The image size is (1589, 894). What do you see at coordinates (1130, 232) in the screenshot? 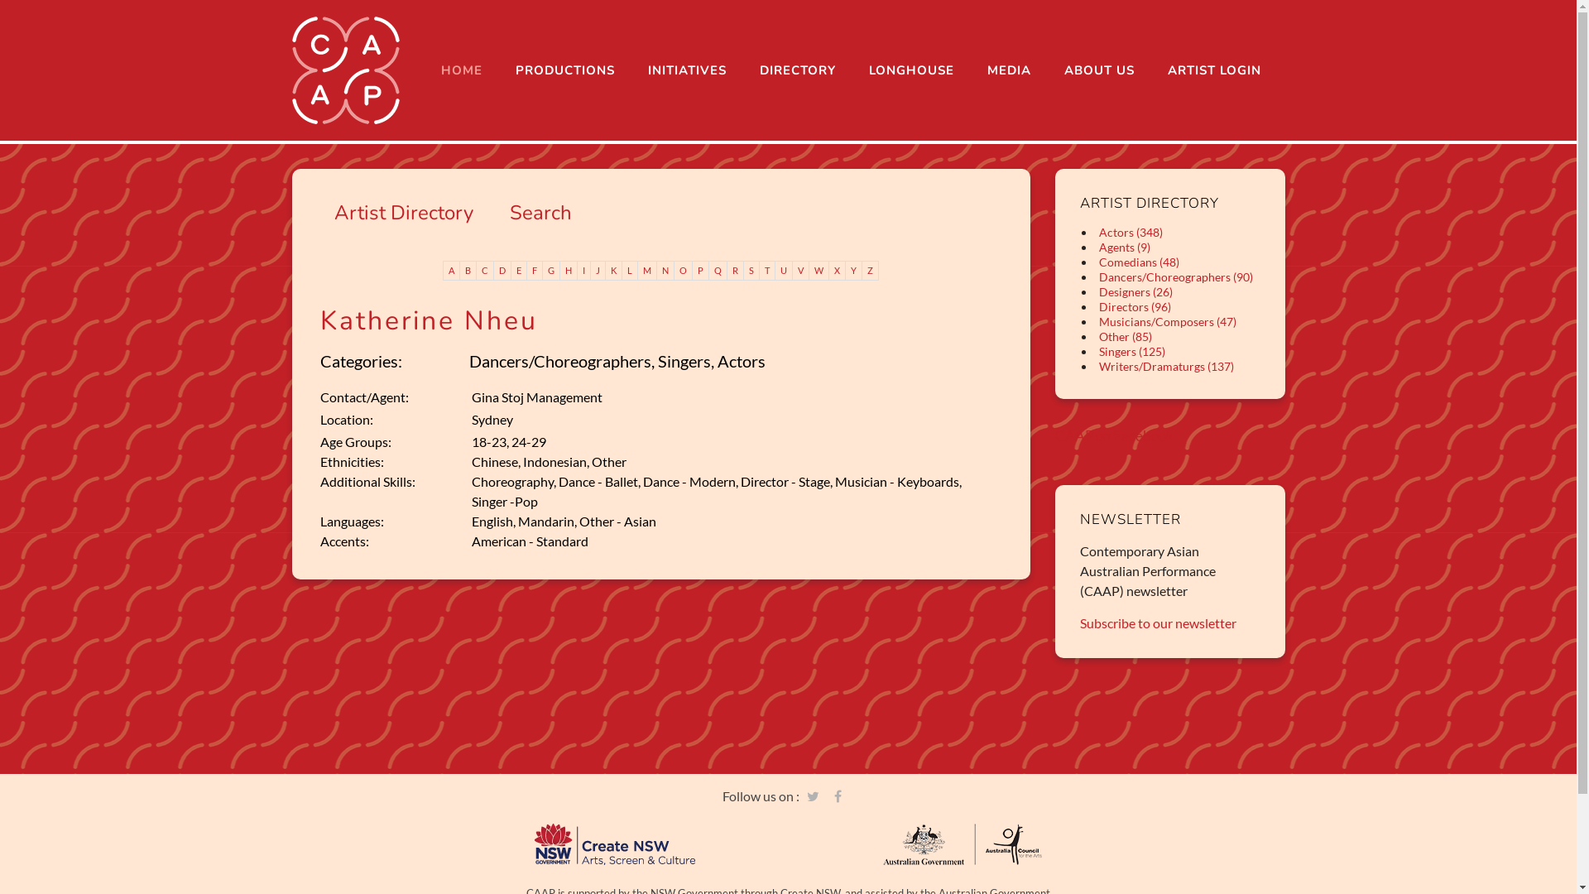
I see `'Actors (348)'` at bounding box center [1130, 232].